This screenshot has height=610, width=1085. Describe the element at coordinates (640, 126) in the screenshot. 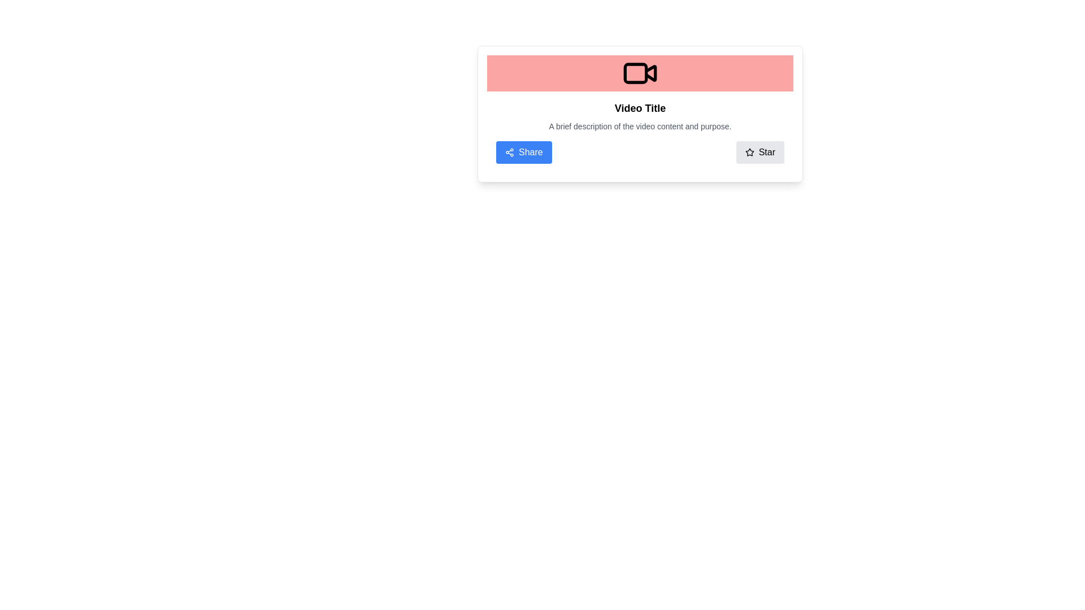

I see `the gray text paragraph that reads 'A brief description of the video content and purpose.' positioned below the 'Video Title'` at that location.